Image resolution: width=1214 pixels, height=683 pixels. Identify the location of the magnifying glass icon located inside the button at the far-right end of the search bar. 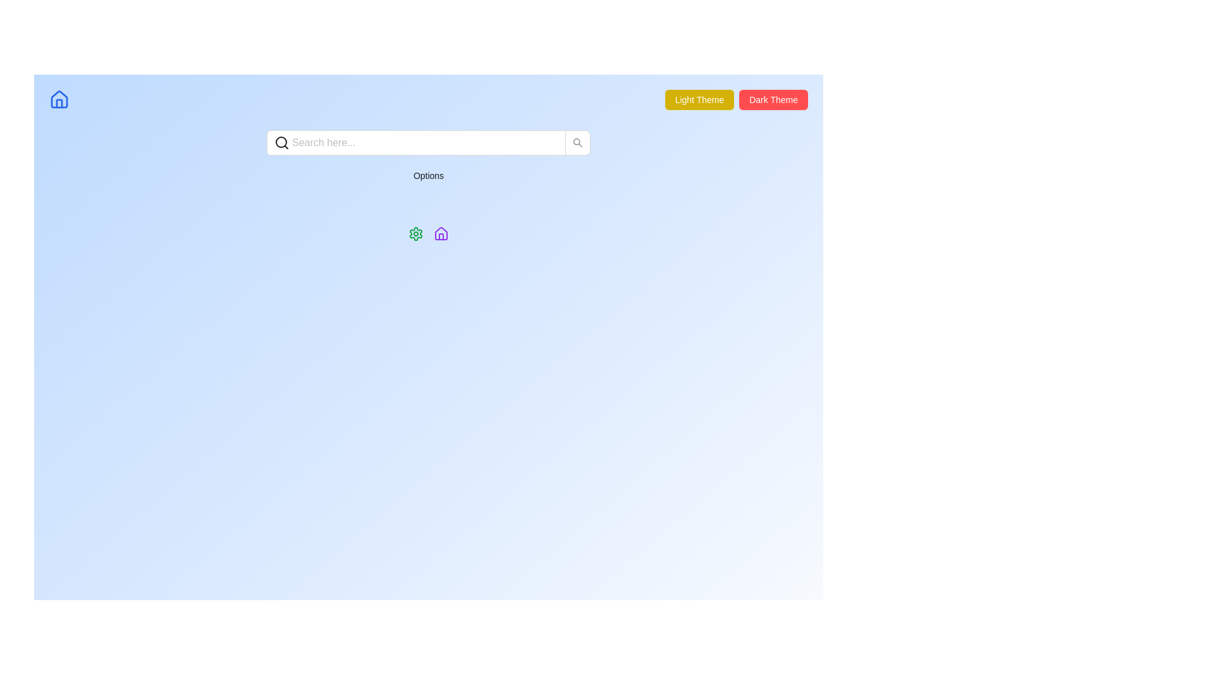
(577, 142).